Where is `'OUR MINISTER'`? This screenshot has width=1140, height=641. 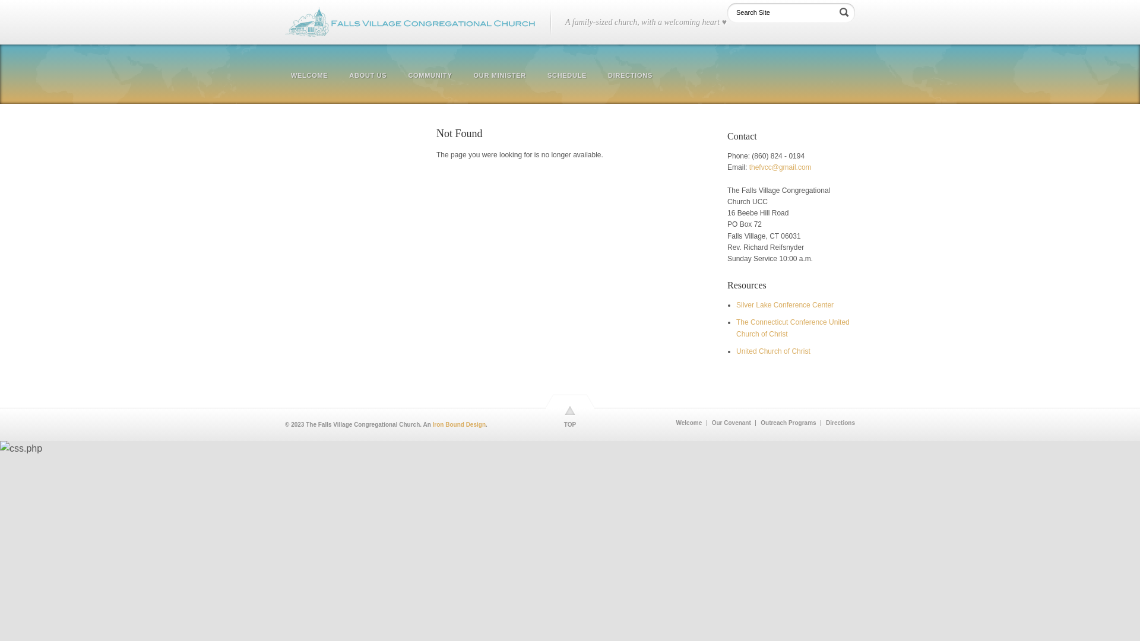
'OUR MINISTER' is located at coordinates (462, 75).